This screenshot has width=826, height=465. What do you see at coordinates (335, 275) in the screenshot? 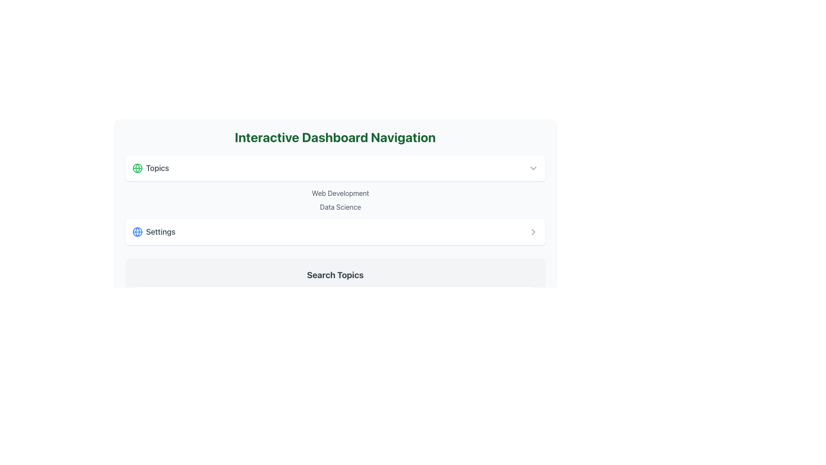
I see `the 'Search Topics' text label, which is styled in bold and large font and is located in a light gray rounded rectangle above the search bar` at bounding box center [335, 275].